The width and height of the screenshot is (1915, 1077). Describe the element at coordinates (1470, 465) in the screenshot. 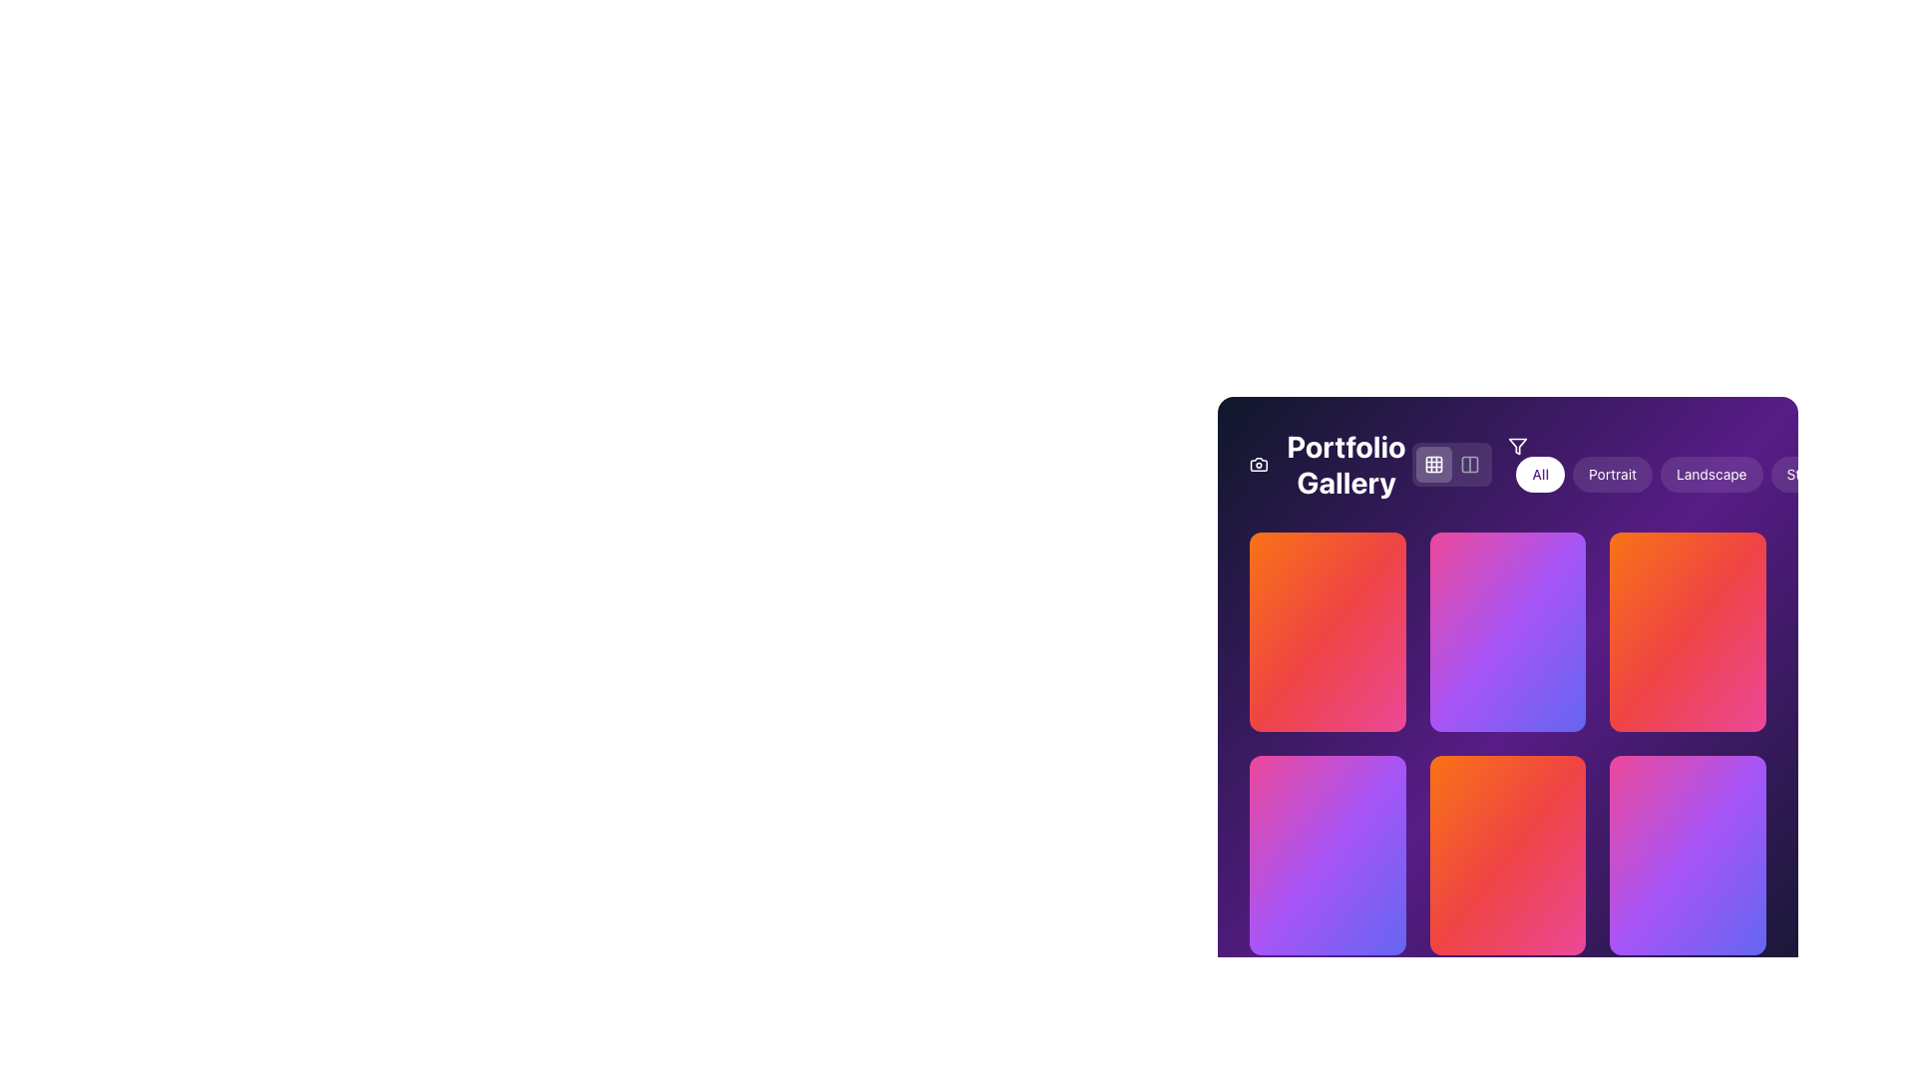

I see `the button or toggle icon representing a layout or display mode` at that location.